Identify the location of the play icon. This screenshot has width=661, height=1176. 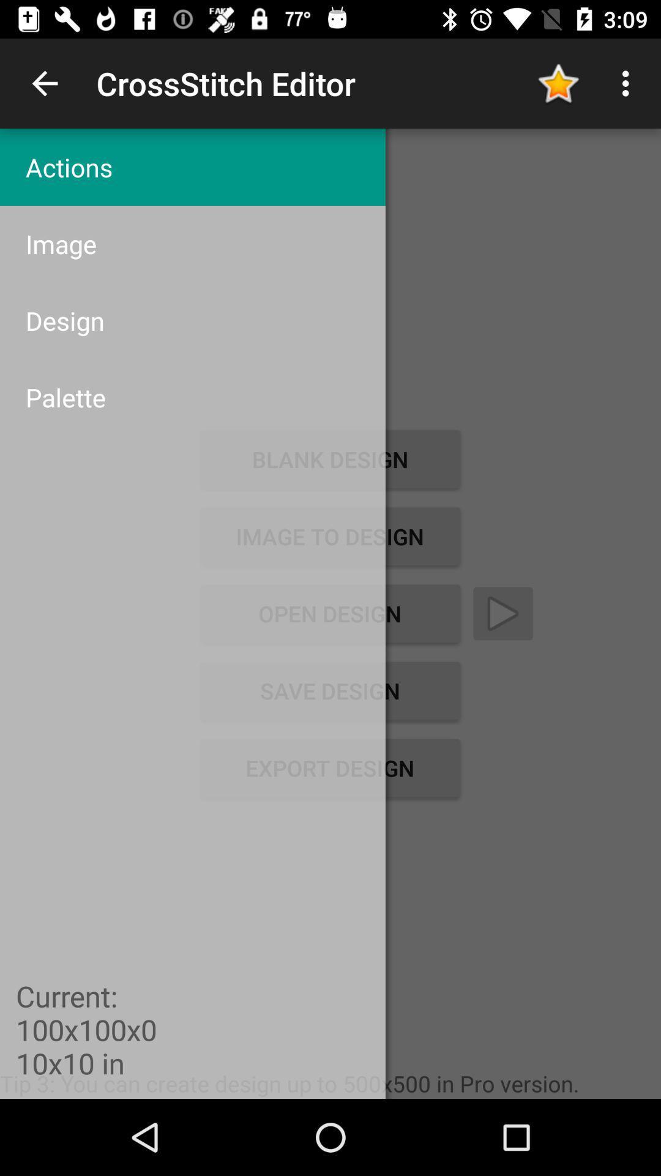
(502, 614).